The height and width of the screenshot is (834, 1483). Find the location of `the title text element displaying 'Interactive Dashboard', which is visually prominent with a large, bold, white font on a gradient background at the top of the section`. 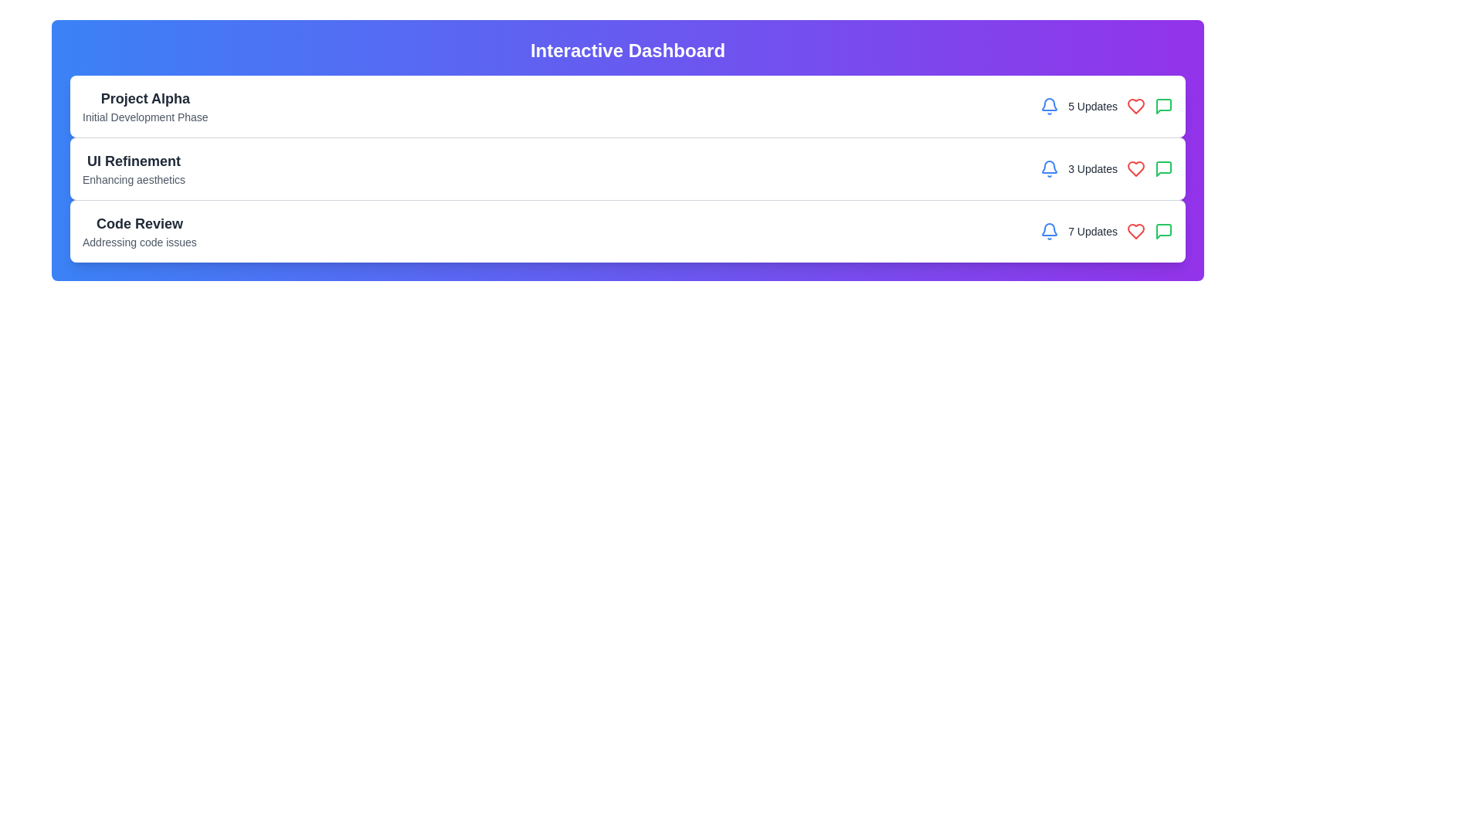

the title text element displaying 'Interactive Dashboard', which is visually prominent with a large, bold, white font on a gradient background at the top of the section is located at coordinates (627, 49).